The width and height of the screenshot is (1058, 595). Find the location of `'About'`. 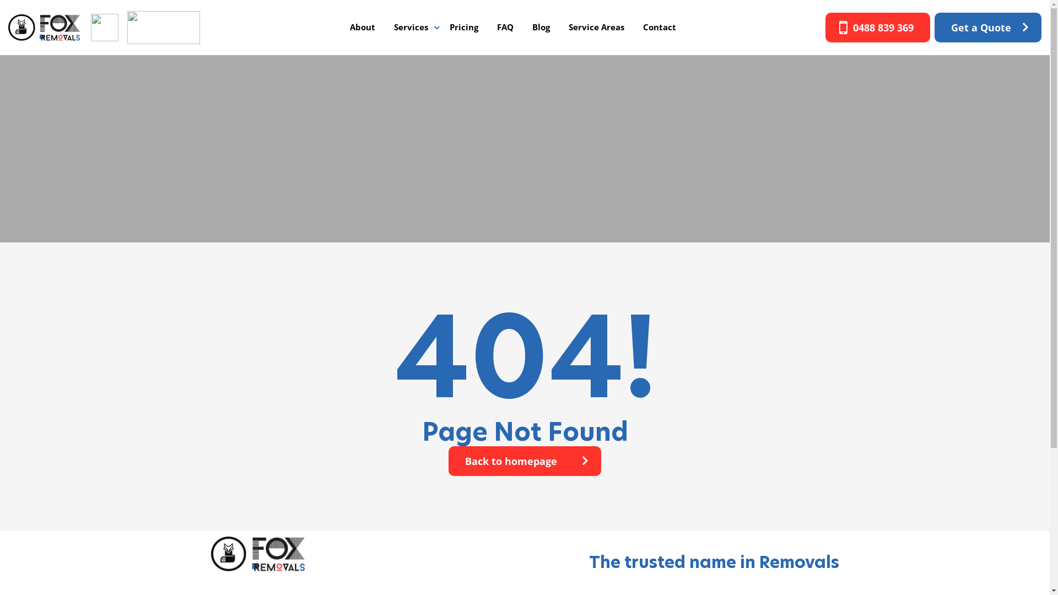

'About' is located at coordinates (362, 26).